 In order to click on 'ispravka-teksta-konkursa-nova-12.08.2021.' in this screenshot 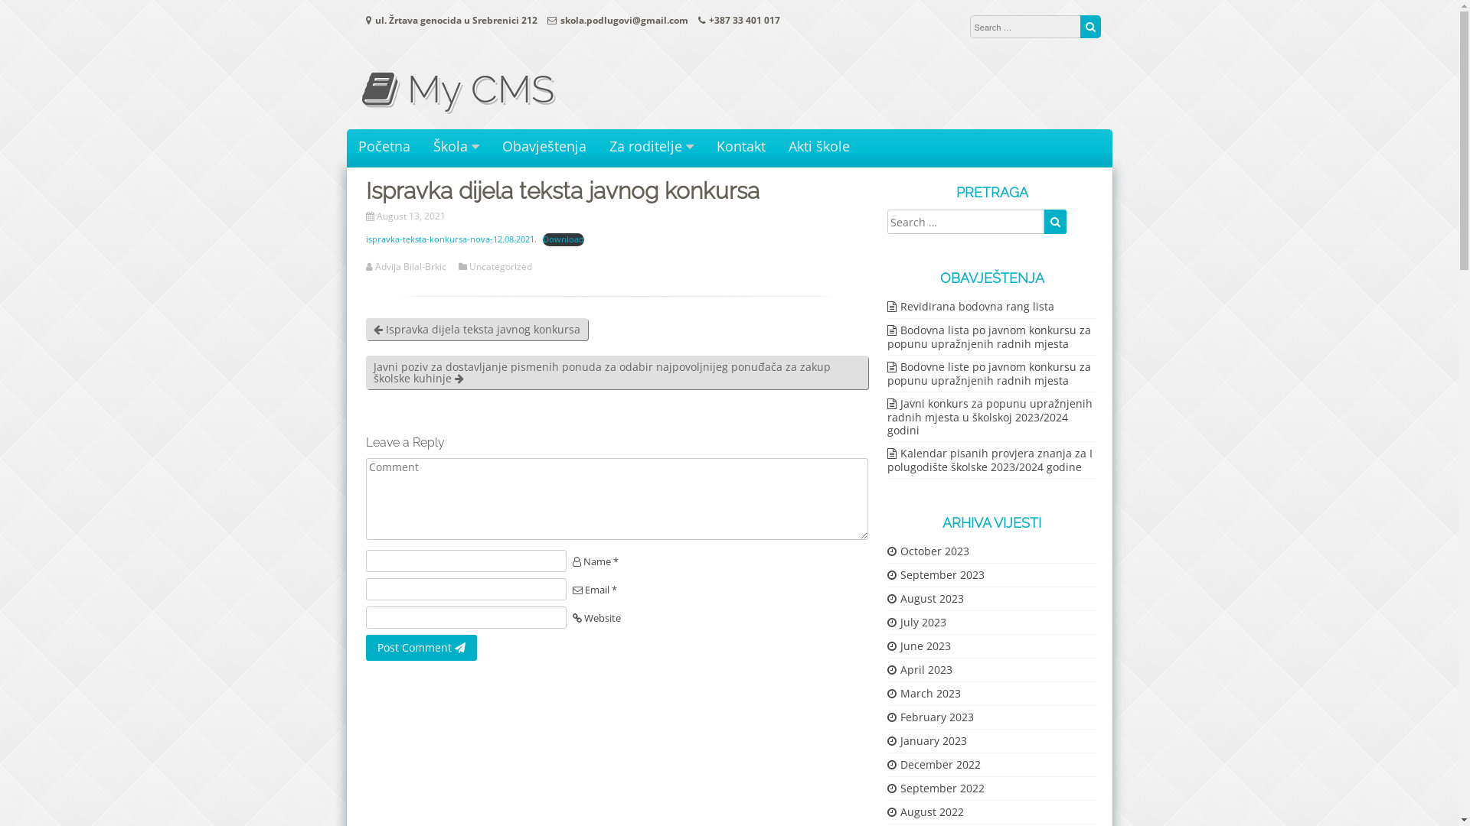, I will do `click(450, 239)`.